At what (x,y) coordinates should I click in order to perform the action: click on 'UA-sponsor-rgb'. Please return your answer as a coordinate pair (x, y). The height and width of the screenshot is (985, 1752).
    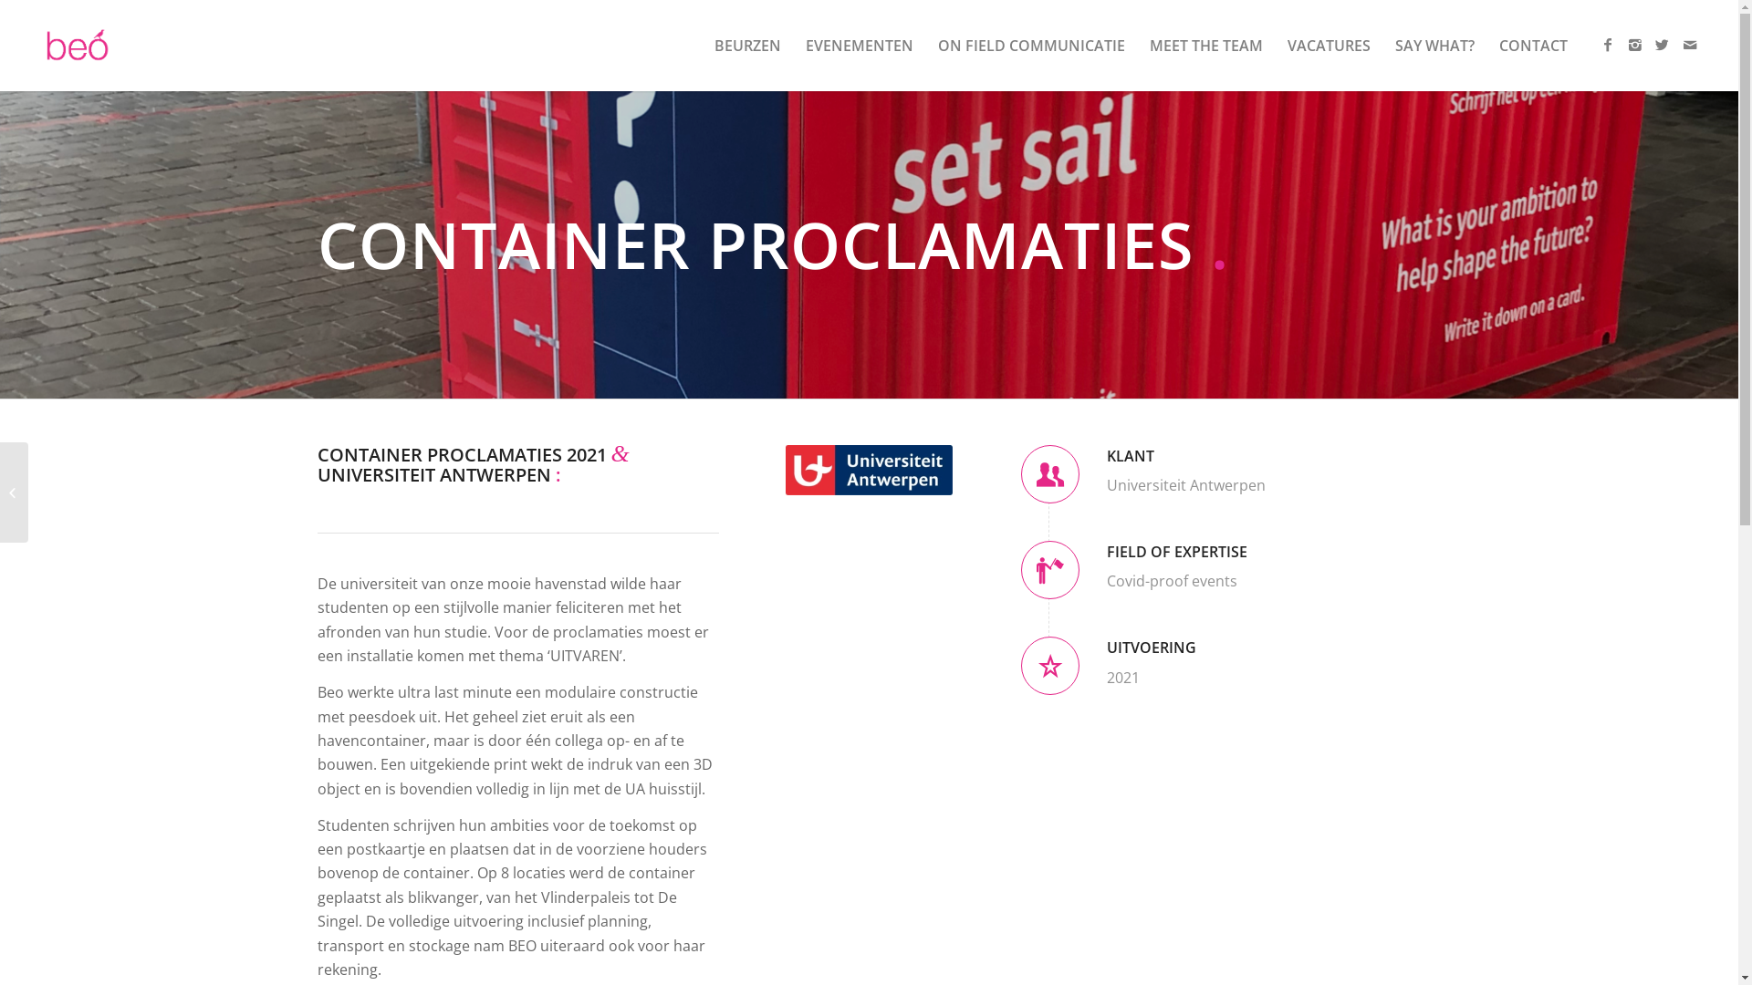
    Looking at the image, I should click on (869, 469).